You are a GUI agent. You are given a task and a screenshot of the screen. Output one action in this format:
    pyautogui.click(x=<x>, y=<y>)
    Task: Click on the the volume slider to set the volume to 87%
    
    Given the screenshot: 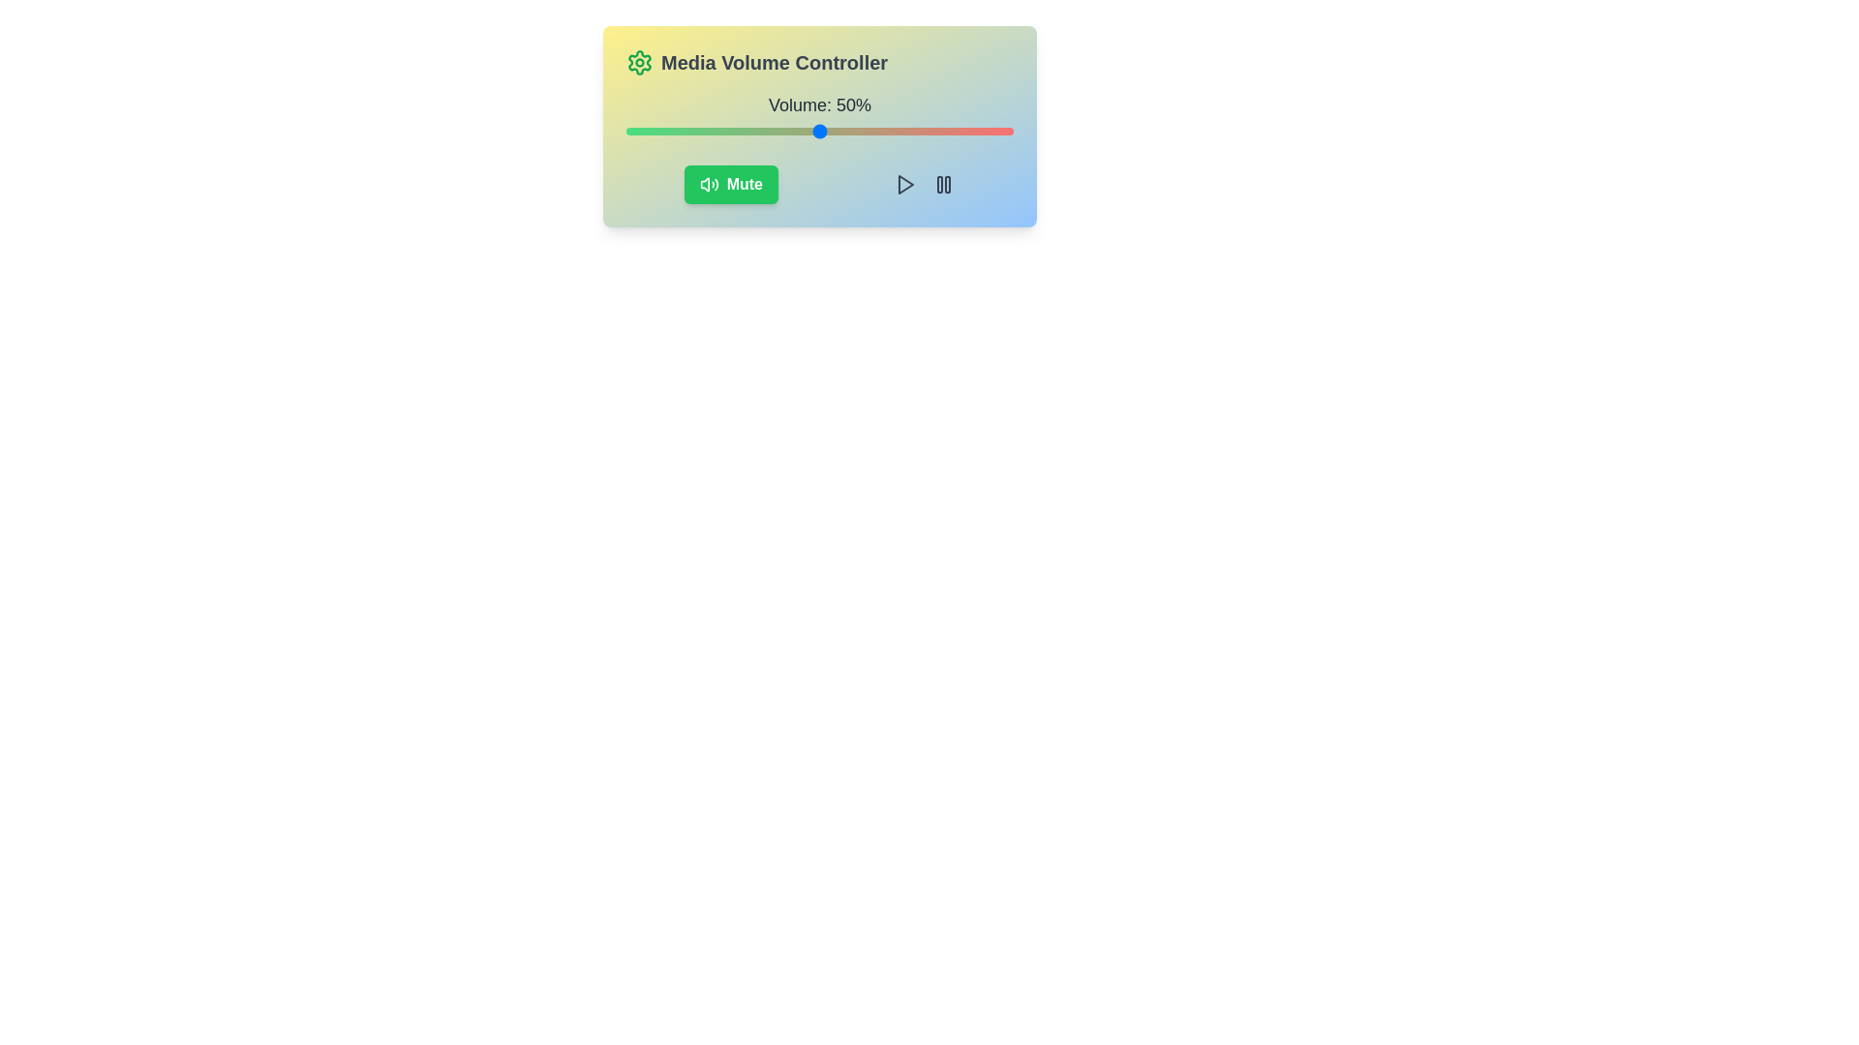 What is the action you would take?
    pyautogui.click(x=962, y=131)
    